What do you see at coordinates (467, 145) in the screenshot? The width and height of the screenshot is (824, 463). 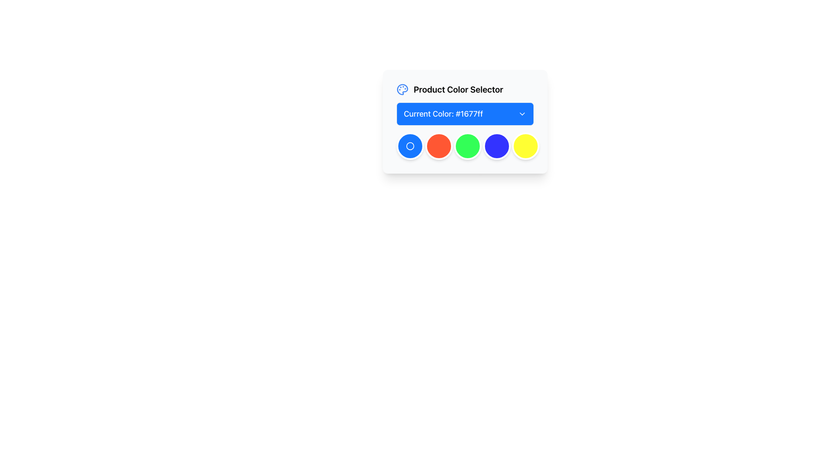 I see `the bright green circular button with a white border, which is the fourth button in a horizontal row of five` at bounding box center [467, 145].